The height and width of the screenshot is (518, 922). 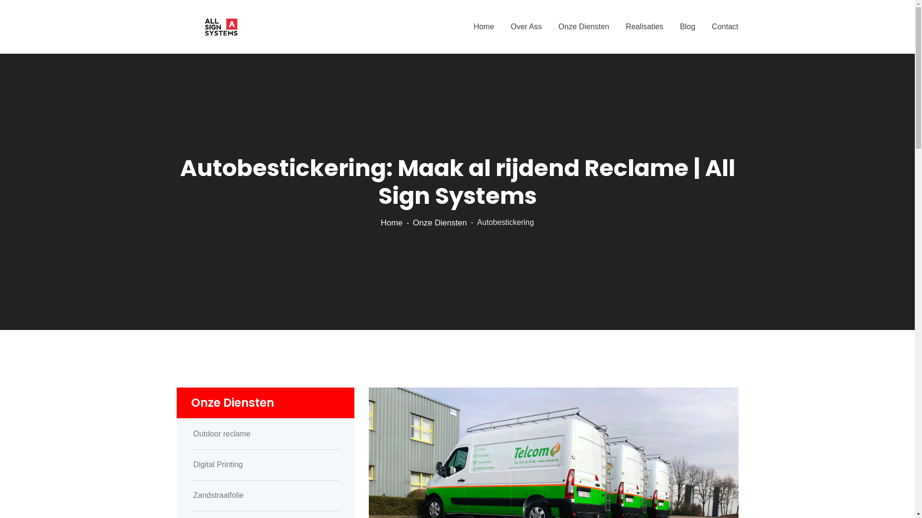 What do you see at coordinates (484, 26) in the screenshot?
I see `'Home'` at bounding box center [484, 26].